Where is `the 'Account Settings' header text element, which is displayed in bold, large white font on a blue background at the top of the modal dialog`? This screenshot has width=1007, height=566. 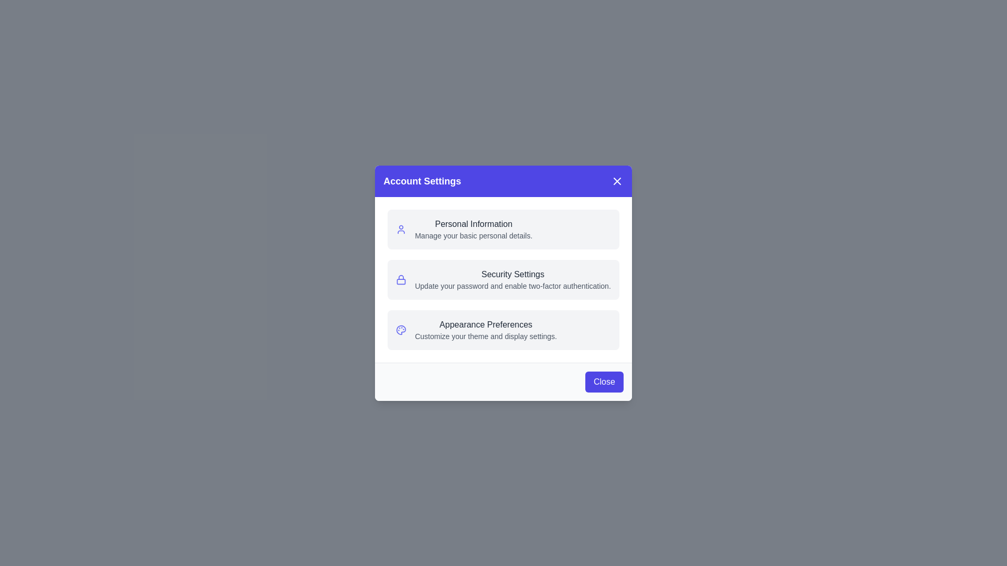
the 'Account Settings' header text element, which is displayed in bold, large white font on a blue background at the top of the modal dialog is located at coordinates (422, 180).